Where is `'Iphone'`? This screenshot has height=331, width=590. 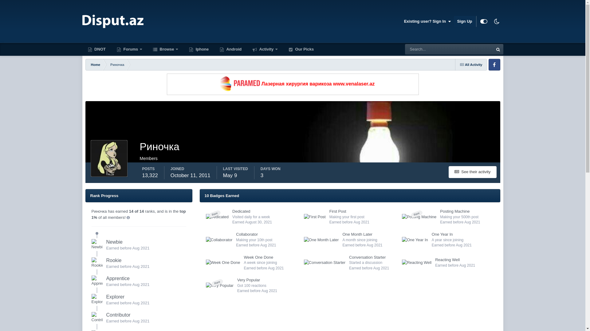 'Iphone' is located at coordinates (199, 49).